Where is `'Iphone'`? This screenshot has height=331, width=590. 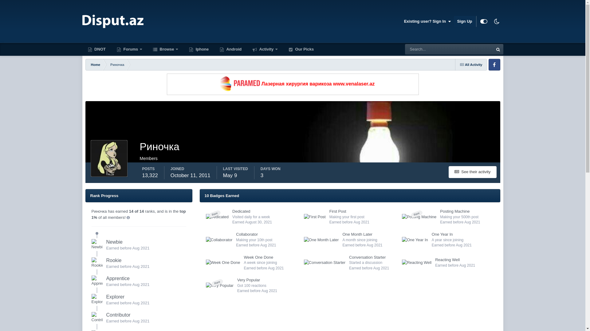 'Iphone' is located at coordinates (199, 49).